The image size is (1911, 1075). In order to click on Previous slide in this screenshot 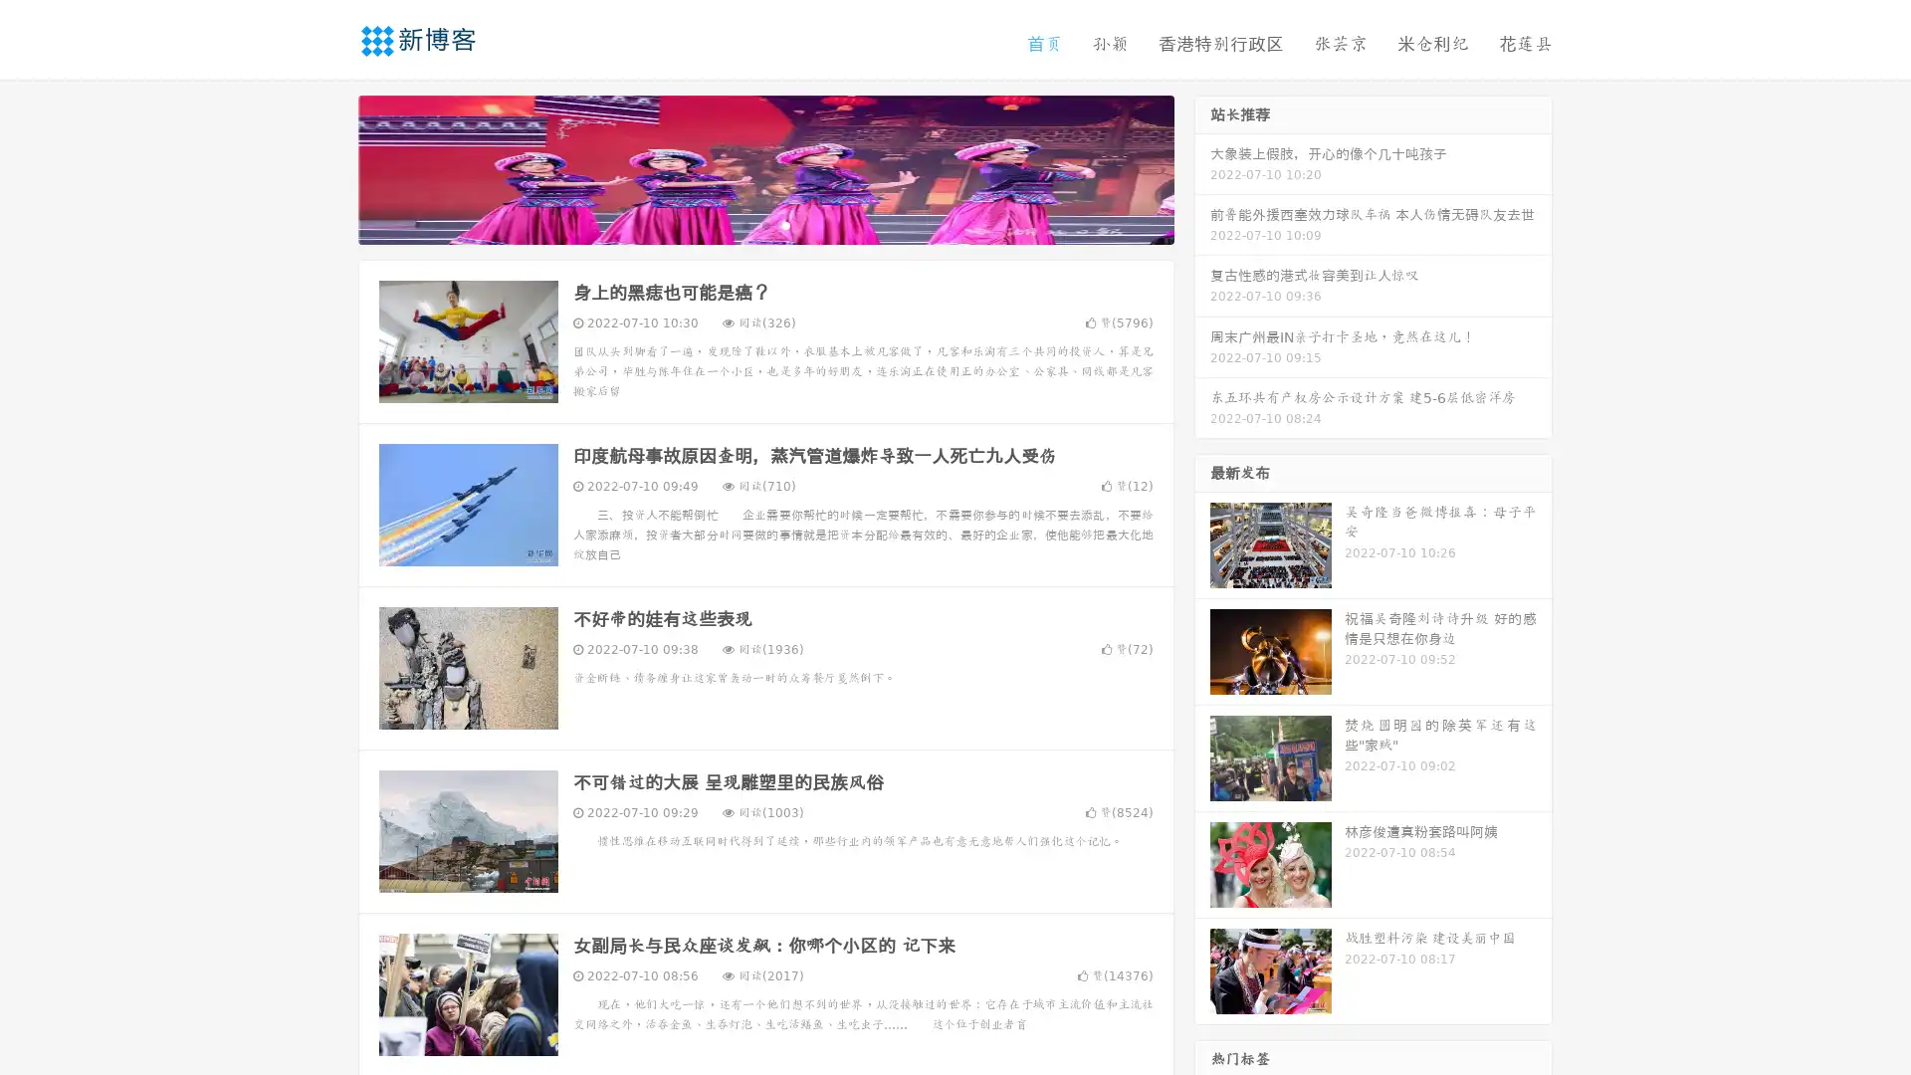, I will do `click(328, 167)`.